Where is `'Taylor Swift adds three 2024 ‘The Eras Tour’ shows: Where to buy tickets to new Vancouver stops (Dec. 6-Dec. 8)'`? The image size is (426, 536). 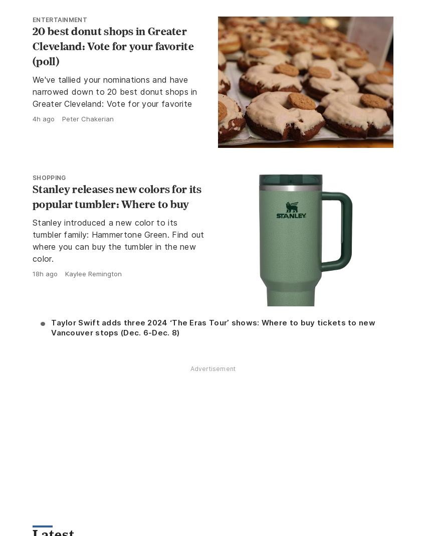 'Taylor Swift adds three 2024 ‘The Eras Tour’ shows: Where to buy tickets to new Vancouver stops (Dec. 6-Dec. 8)' is located at coordinates (213, 326).